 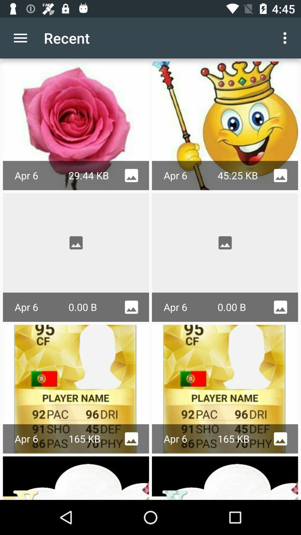 I want to click on the first image below the recent, so click(x=76, y=111).